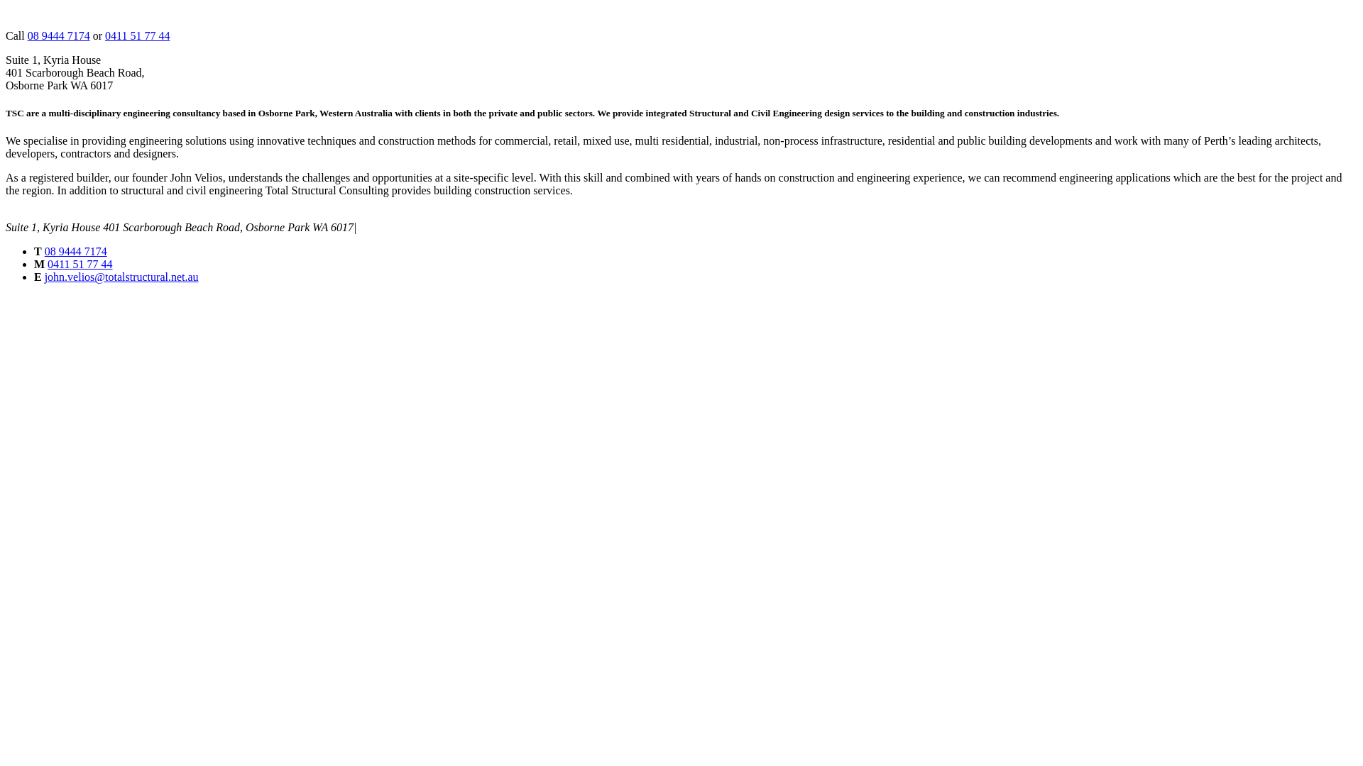  Describe the element at coordinates (48, 264) in the screenshot. I see `'0411 51 77 44'` at that location.